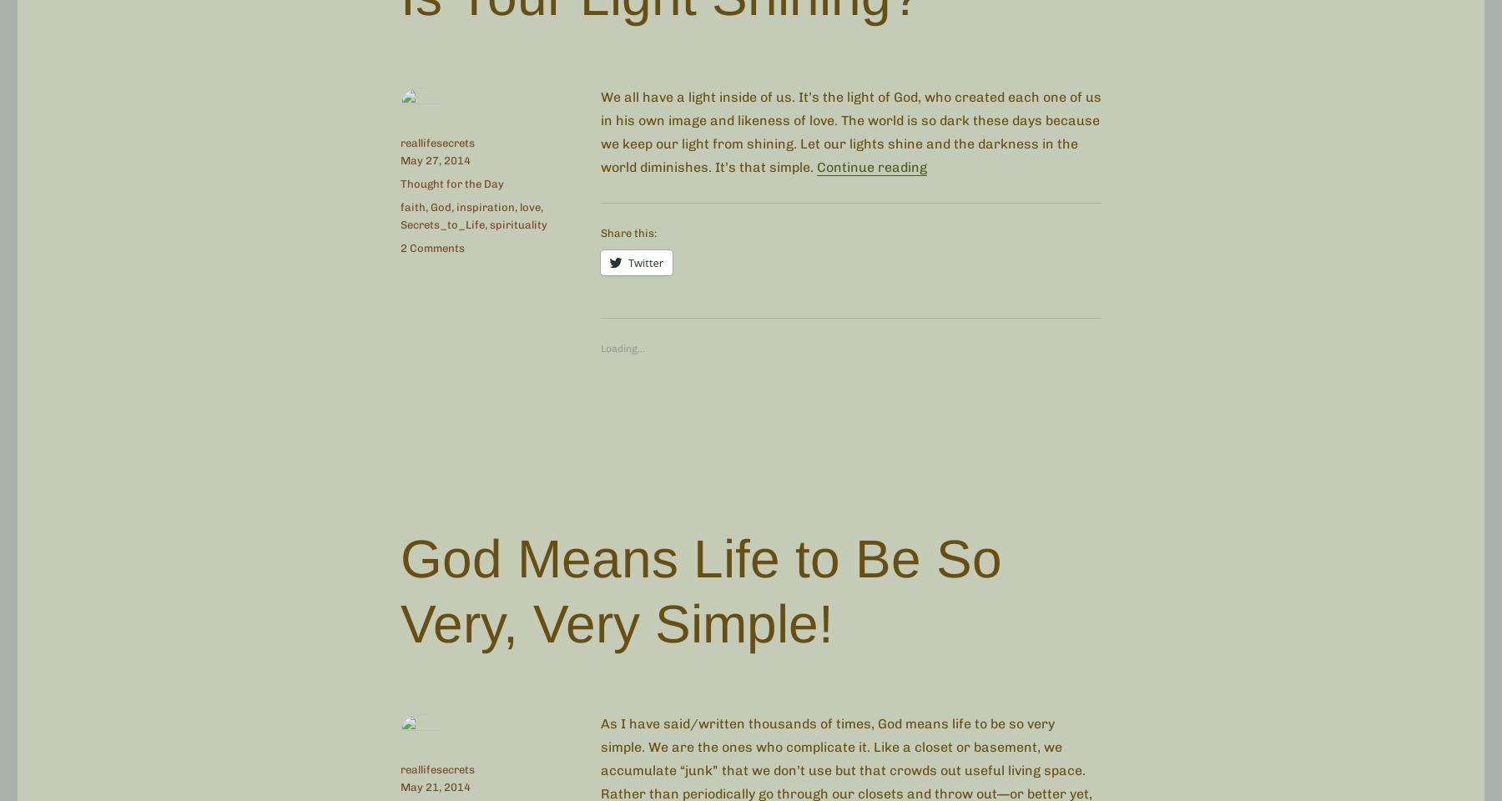  I want to click on 'God', so click(430, 205).